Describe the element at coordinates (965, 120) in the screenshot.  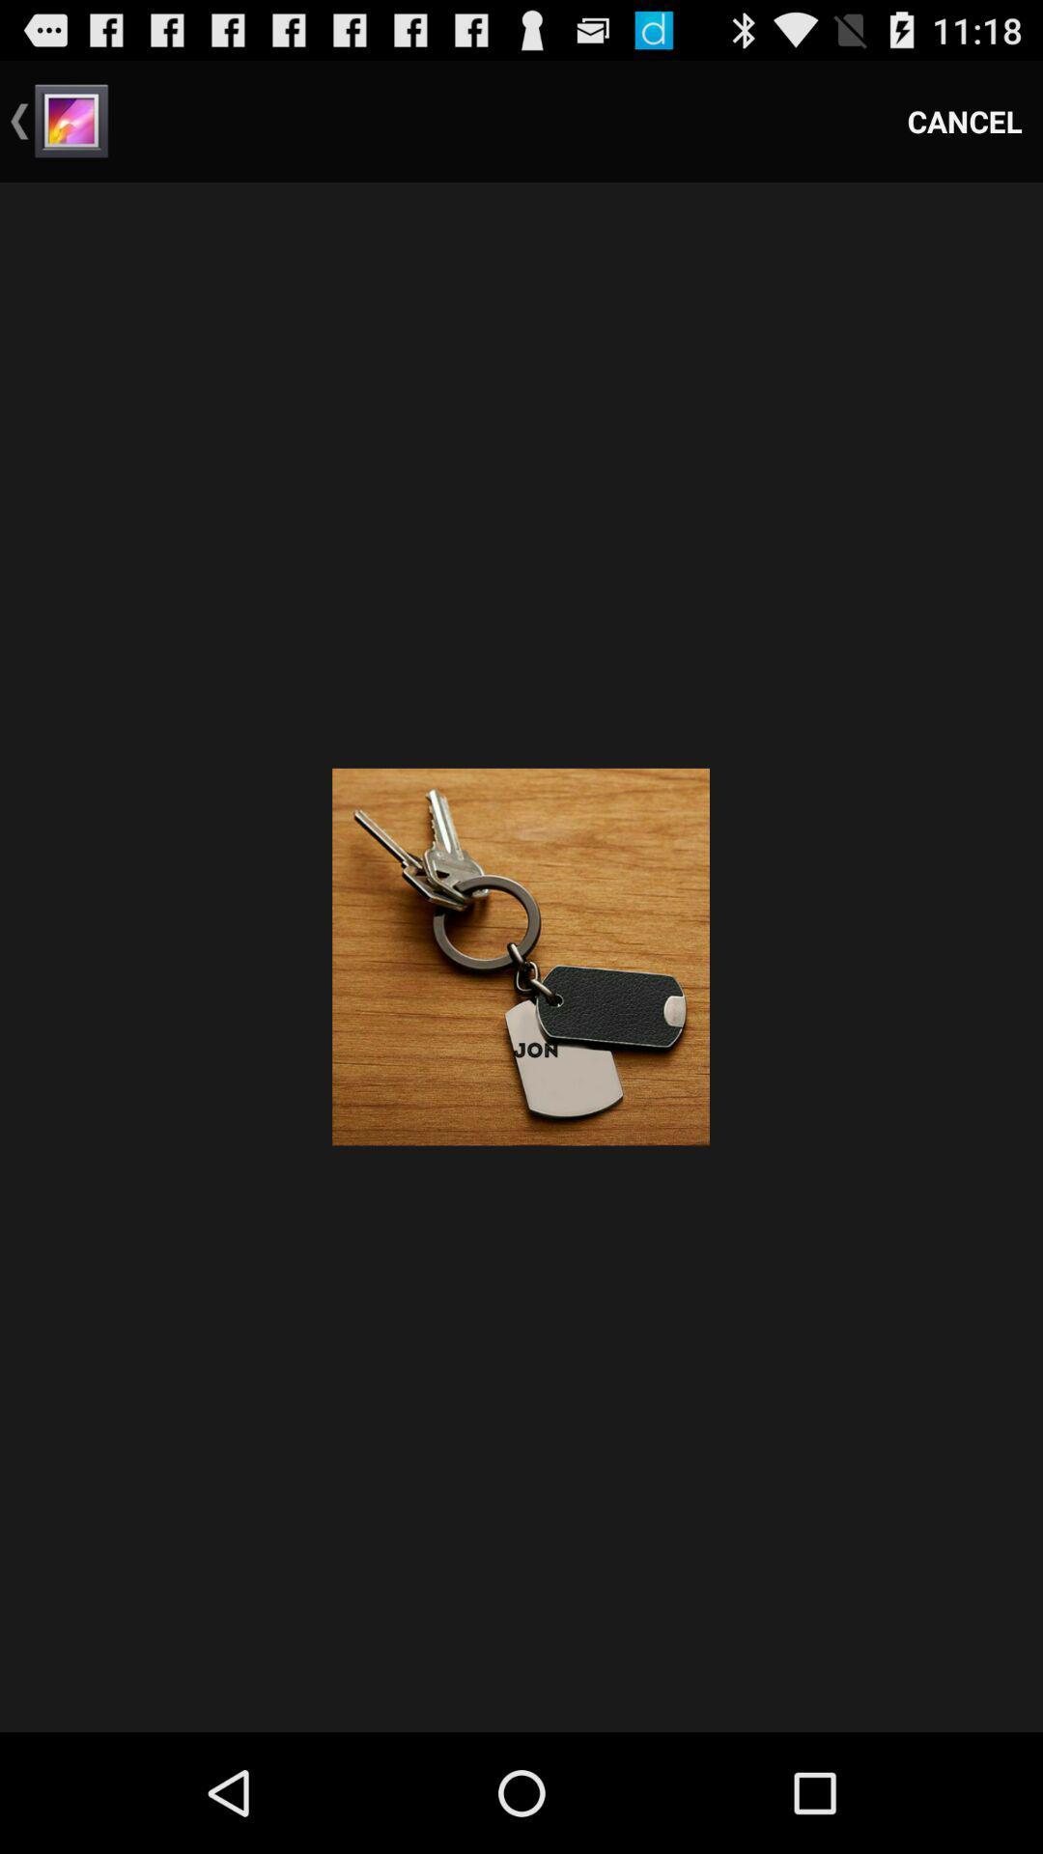
I see `cancel icon` at that location.